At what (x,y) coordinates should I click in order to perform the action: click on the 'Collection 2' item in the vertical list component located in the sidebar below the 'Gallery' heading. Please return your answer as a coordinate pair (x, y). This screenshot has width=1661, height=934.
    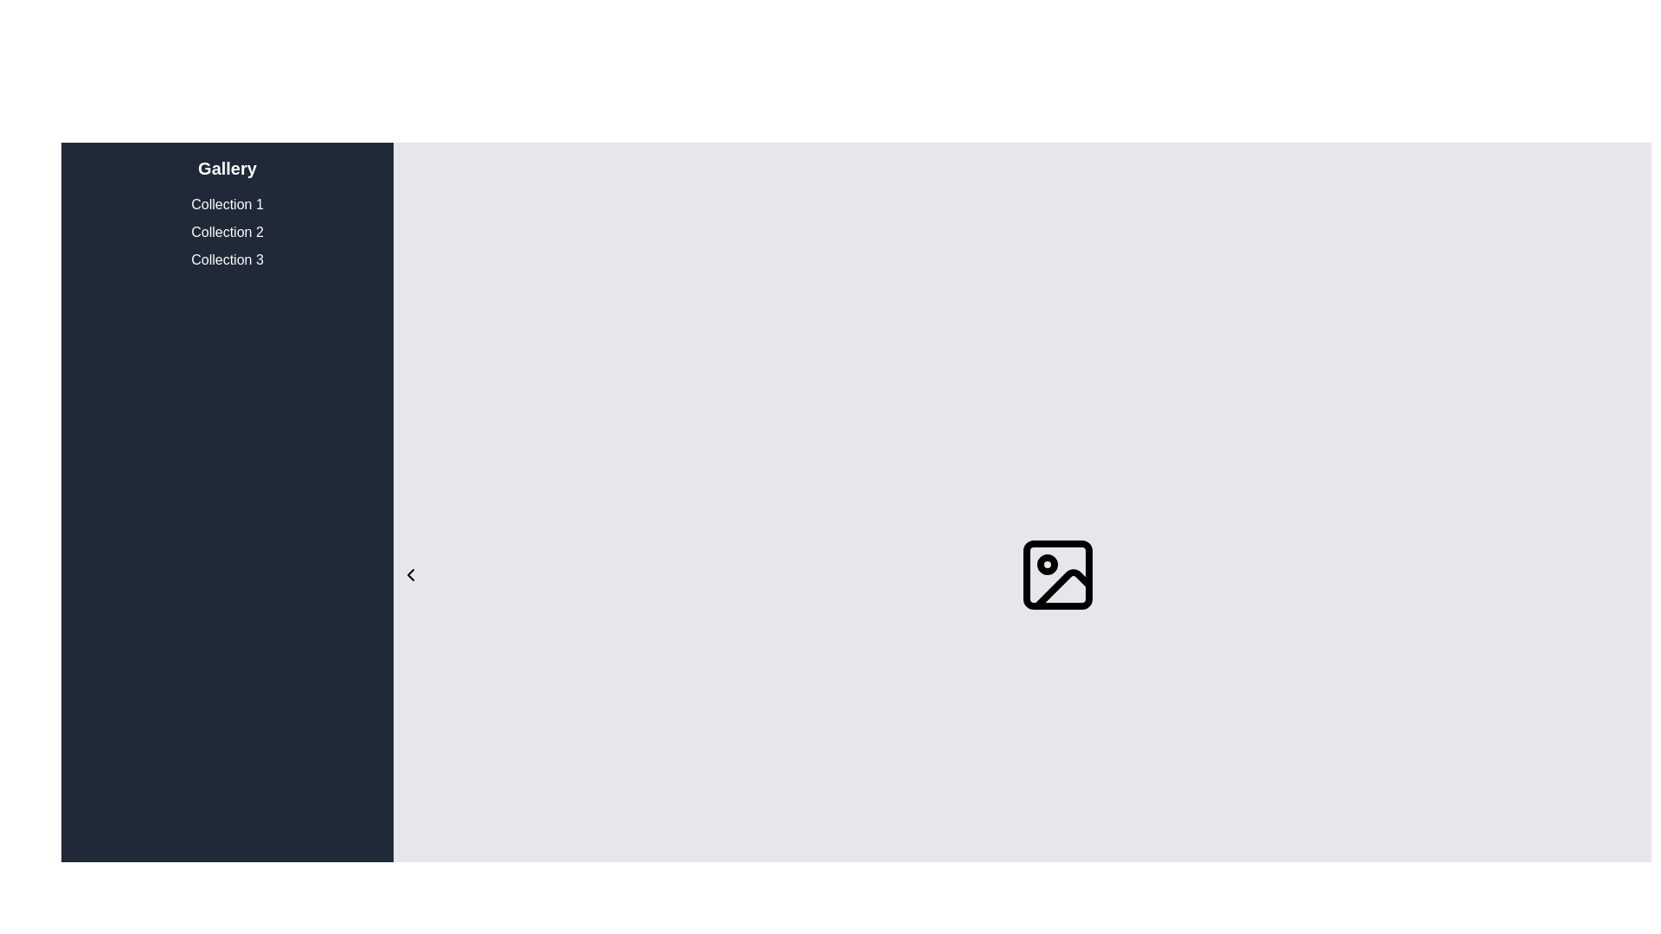
    Looking at the image, I should click on (227, 232).